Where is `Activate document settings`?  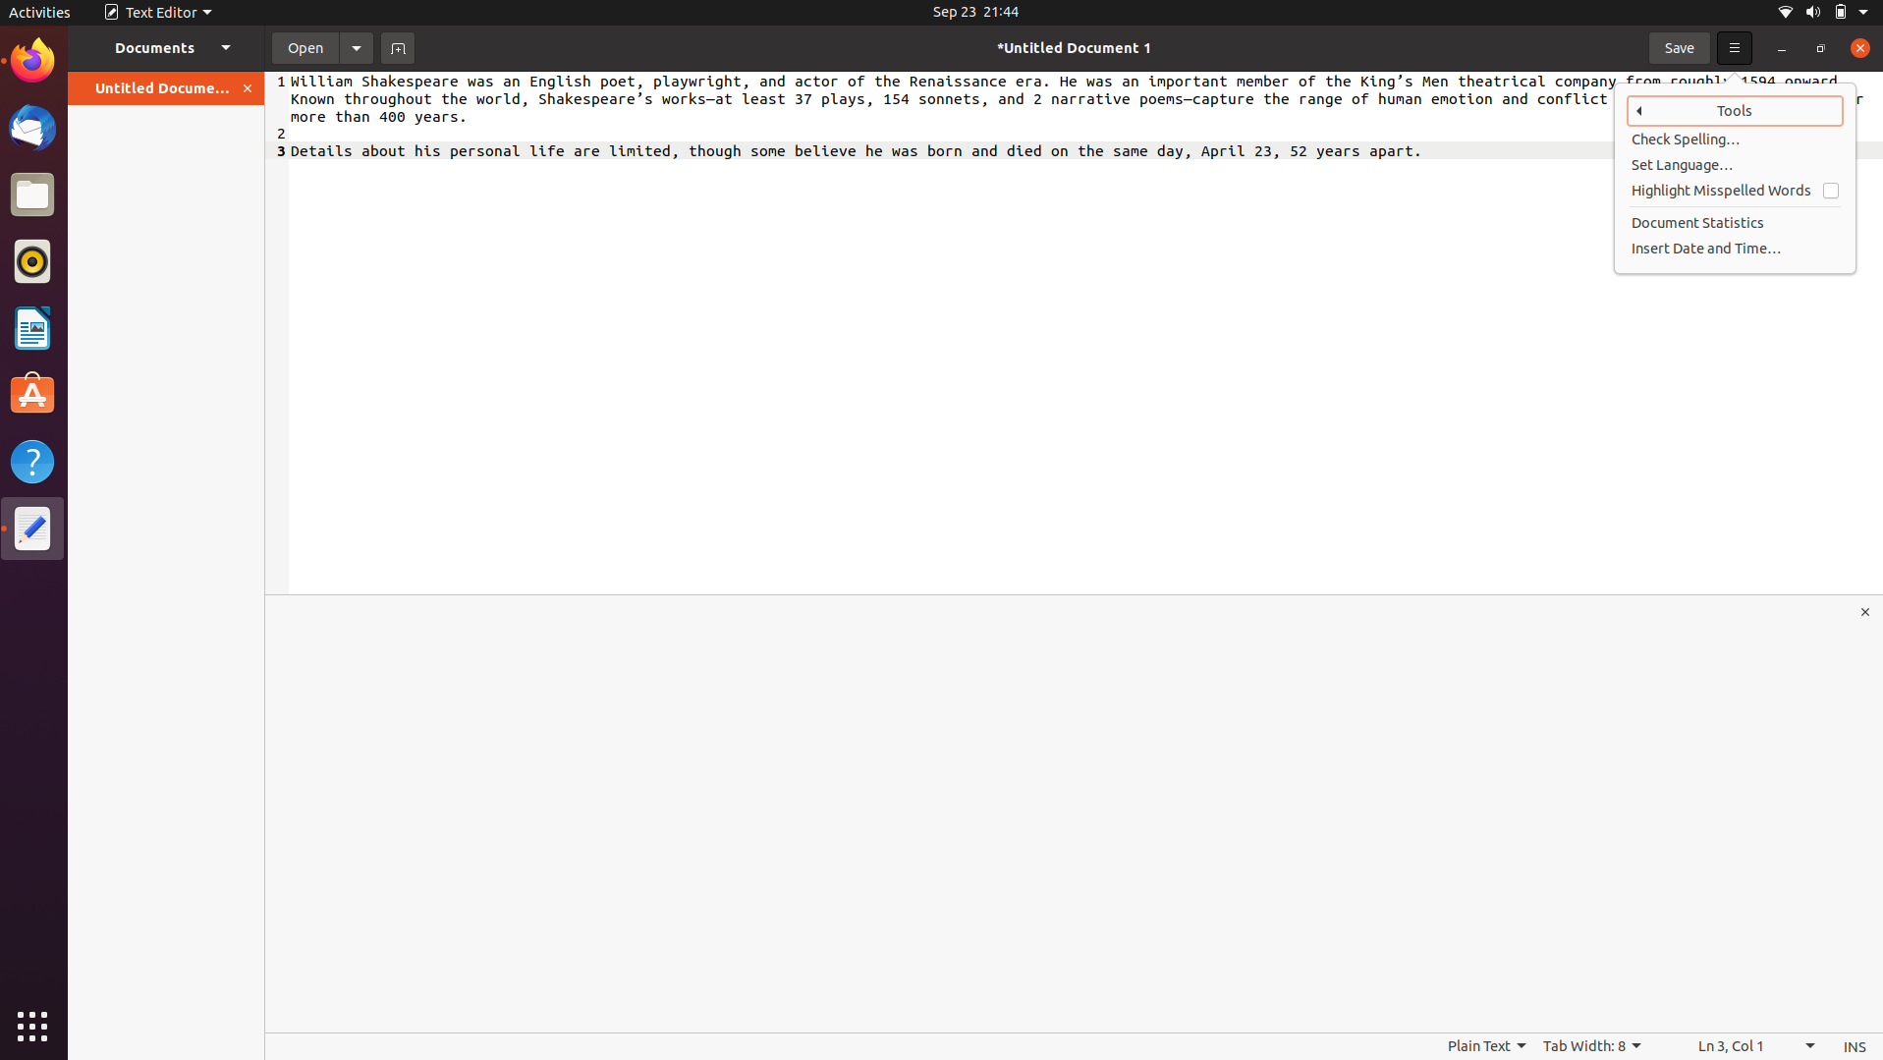
Activate document settings is located at coordinates (356, 46).